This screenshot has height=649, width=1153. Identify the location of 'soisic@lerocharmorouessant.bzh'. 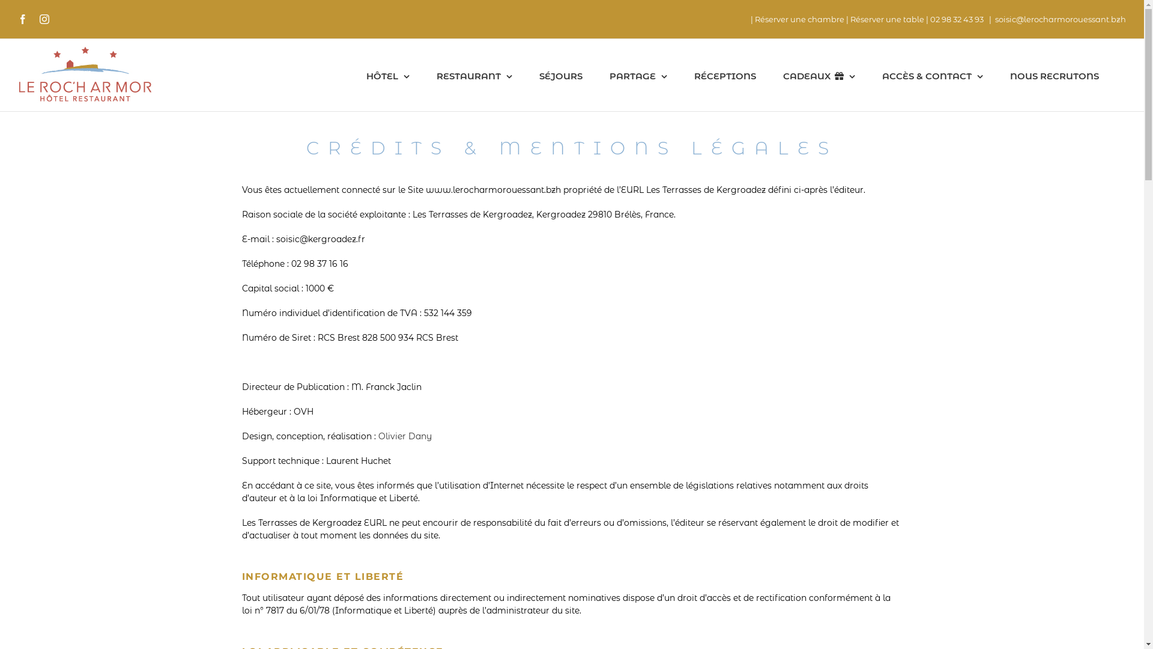
(1061, 19).